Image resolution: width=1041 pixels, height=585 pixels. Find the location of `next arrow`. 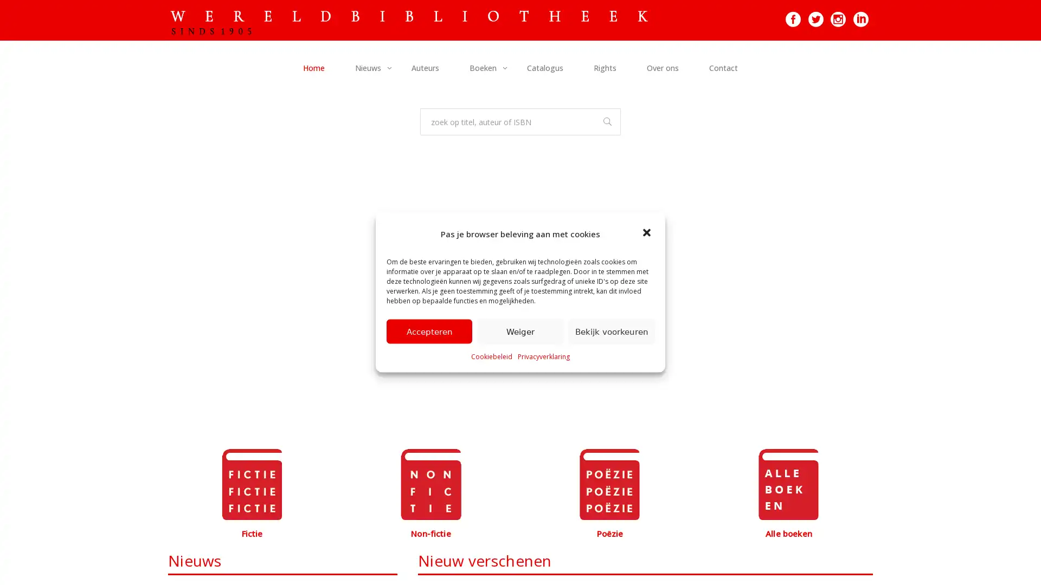

next arrow is located at coordinates (856, 294).